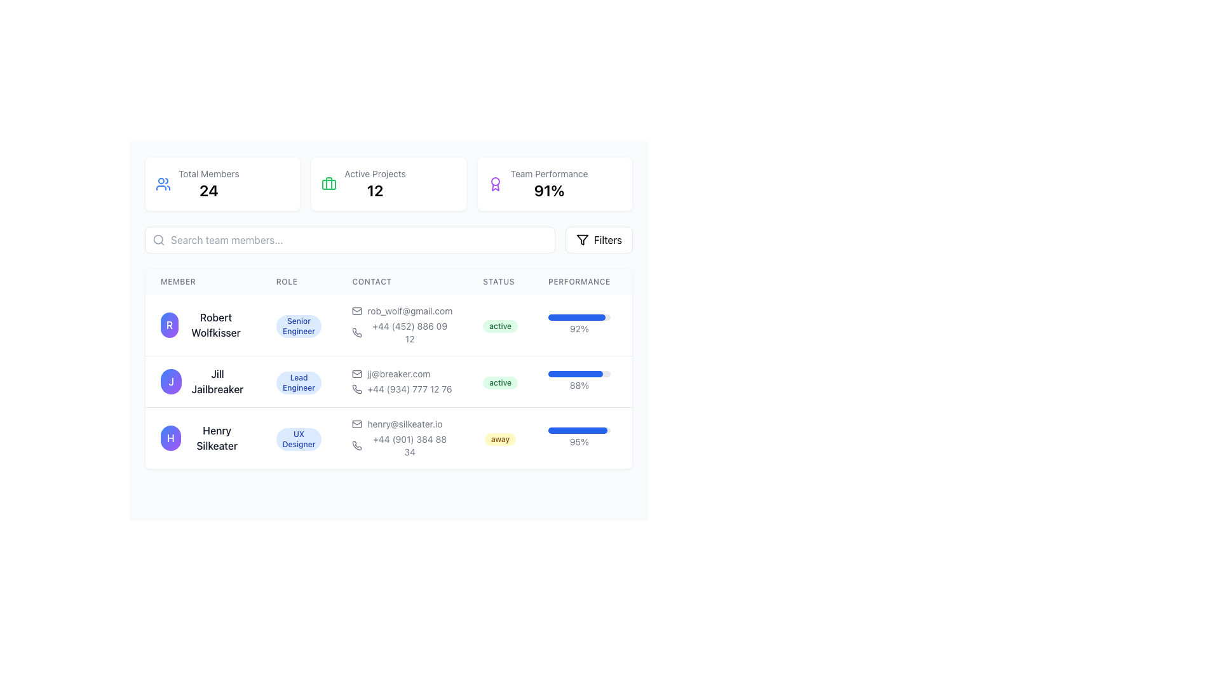  Describe the element at coordinates (356, 311) in the screenshot. I see `the envelope icon, which represents an email symbol, located in the 'Contact' column of the first row in a table, to the left of the email address 'rob_wolf@gmail.com'` at that location.